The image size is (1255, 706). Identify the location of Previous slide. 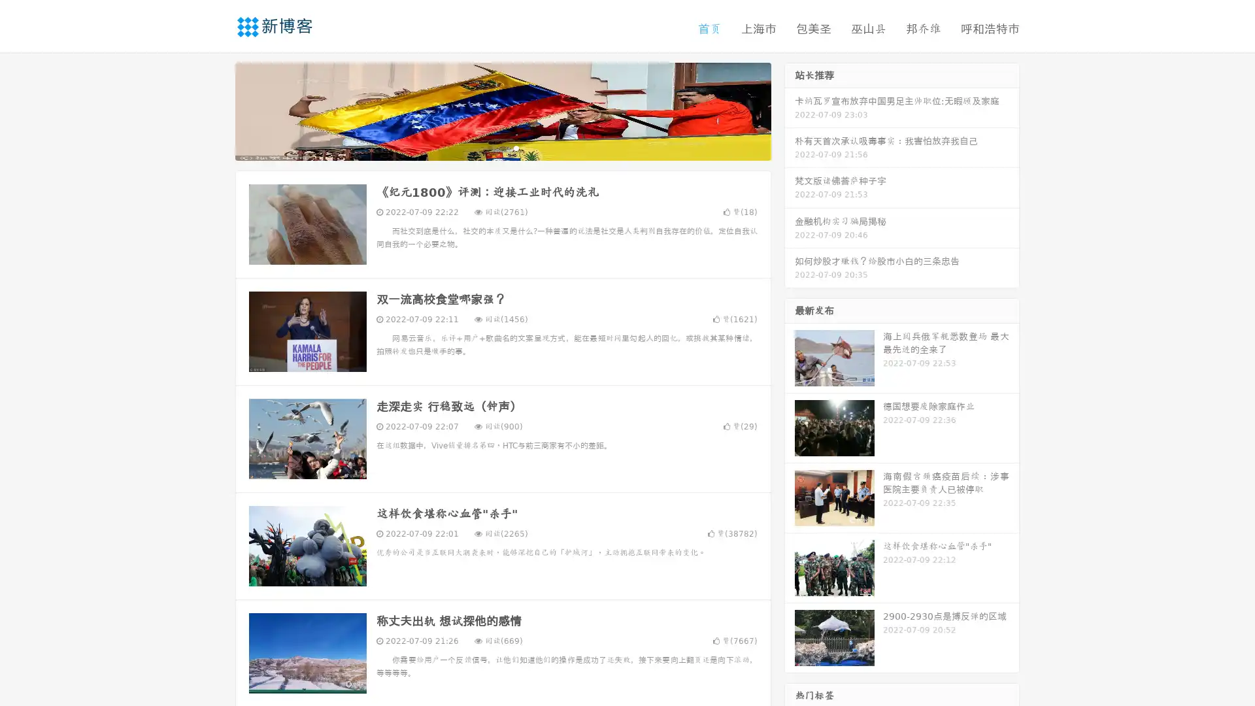
(216, 110).